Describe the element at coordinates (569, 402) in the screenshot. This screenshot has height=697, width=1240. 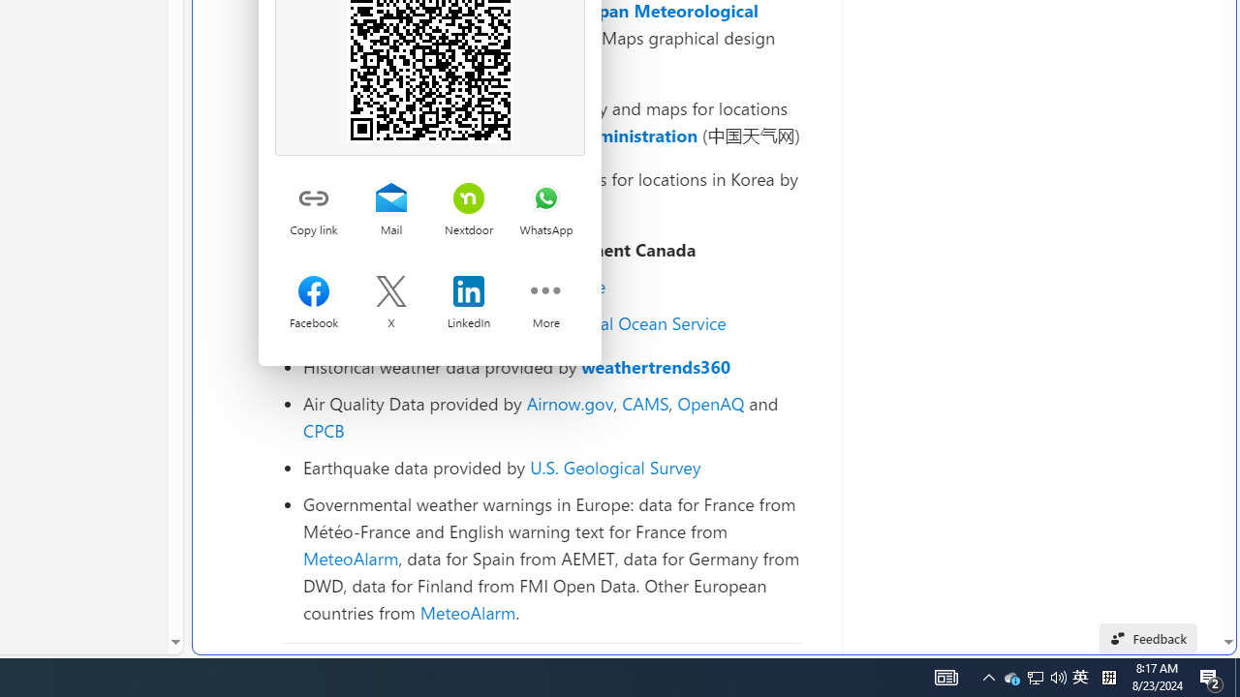
I see `'Airnow.gov'` at that location.